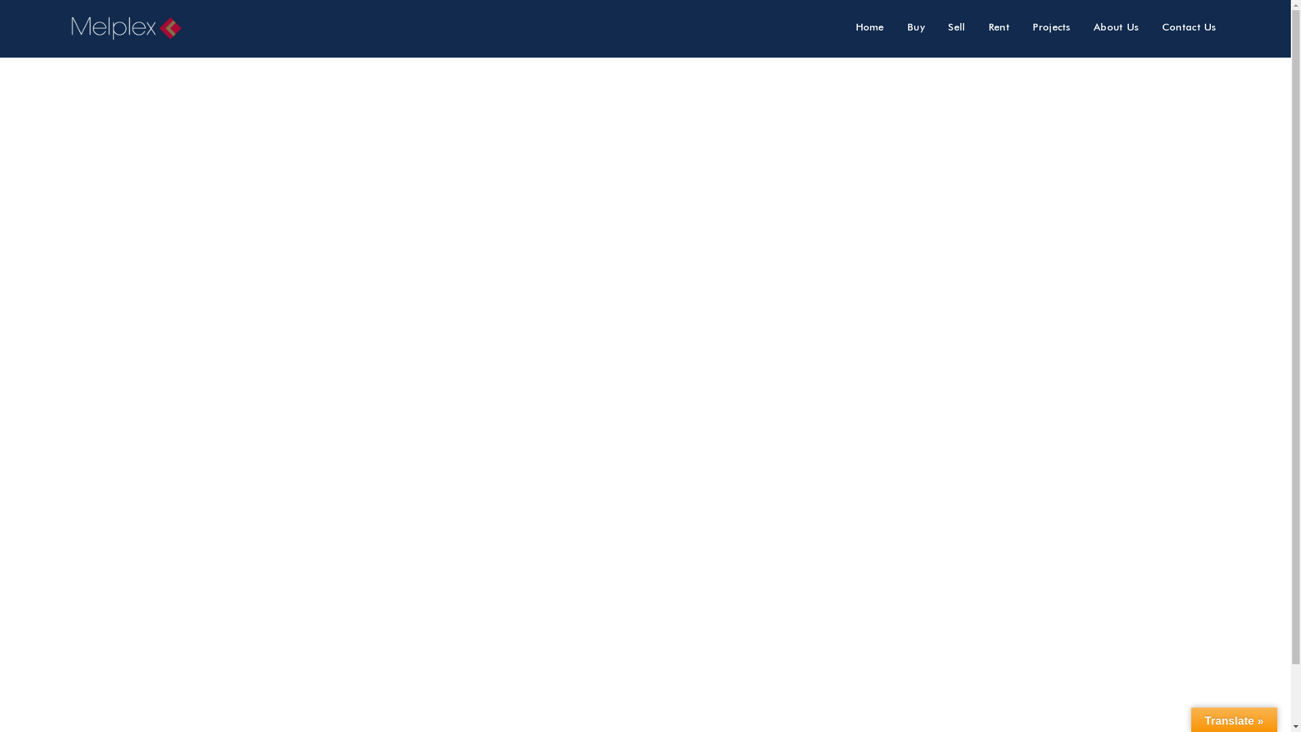  Describe the element at coordinates (132, 28) in the screenshot. I see `'Melplex - '` at that location.